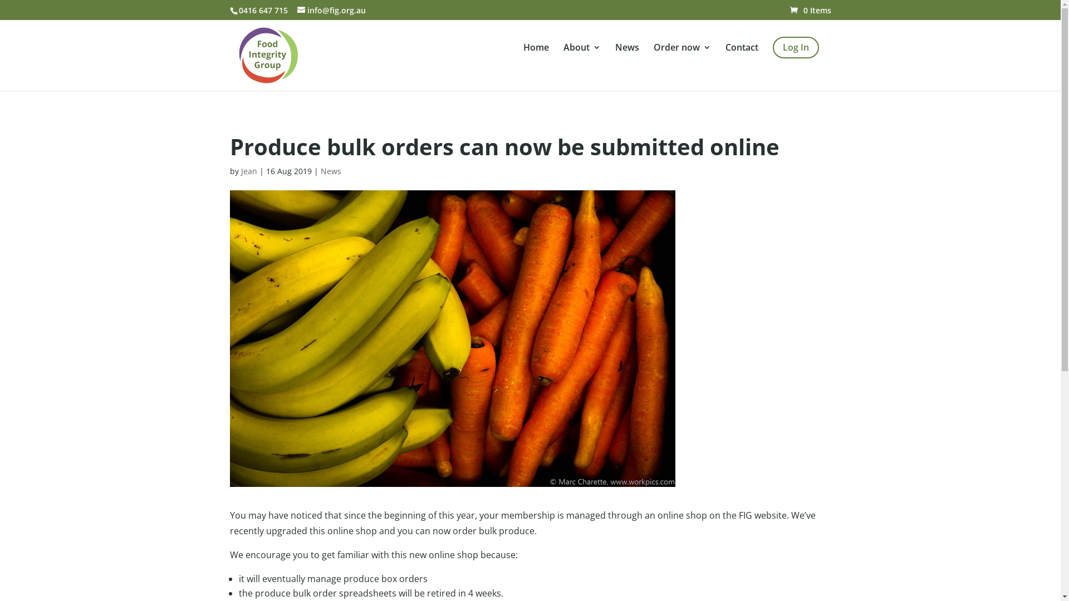  I want to click on 'Skip to content', so click(0, 0).